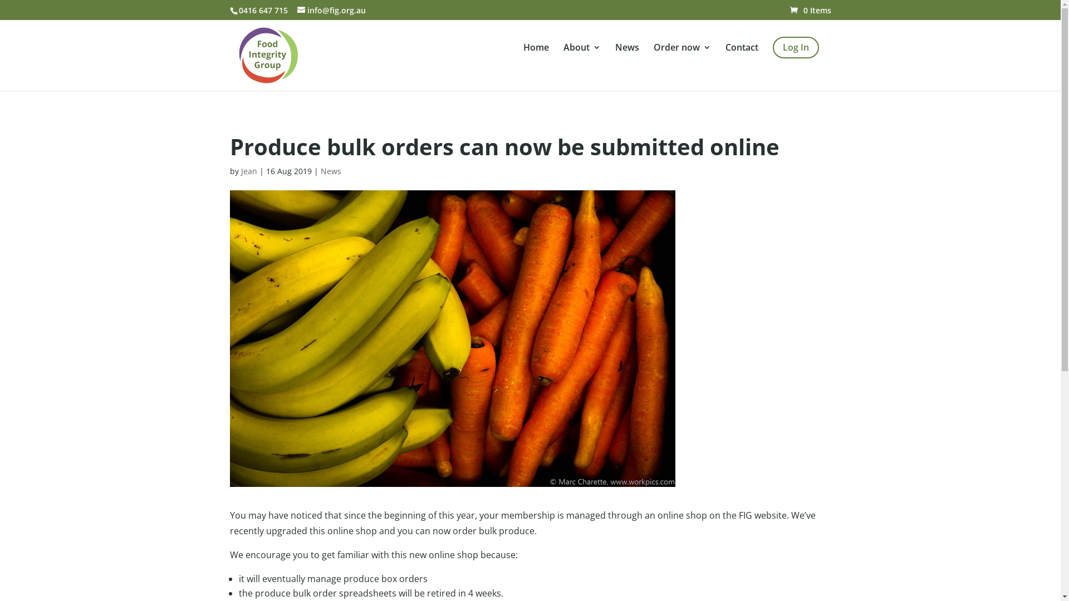  I want to click on 'Skip to content', so click(0, 0).